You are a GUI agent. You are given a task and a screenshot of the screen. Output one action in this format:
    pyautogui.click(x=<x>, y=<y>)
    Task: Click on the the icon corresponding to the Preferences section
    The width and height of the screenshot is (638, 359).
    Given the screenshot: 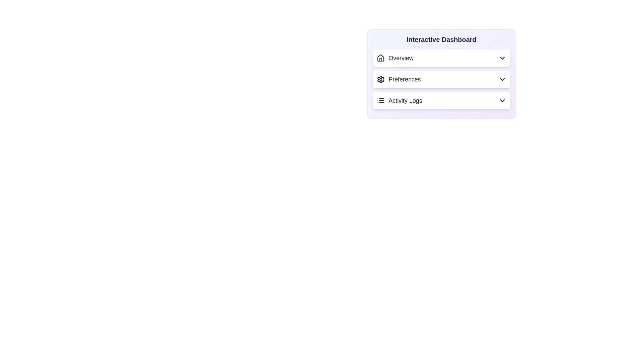 What is the action you would take?
    pyautogui.click(x=380, y=79)
    